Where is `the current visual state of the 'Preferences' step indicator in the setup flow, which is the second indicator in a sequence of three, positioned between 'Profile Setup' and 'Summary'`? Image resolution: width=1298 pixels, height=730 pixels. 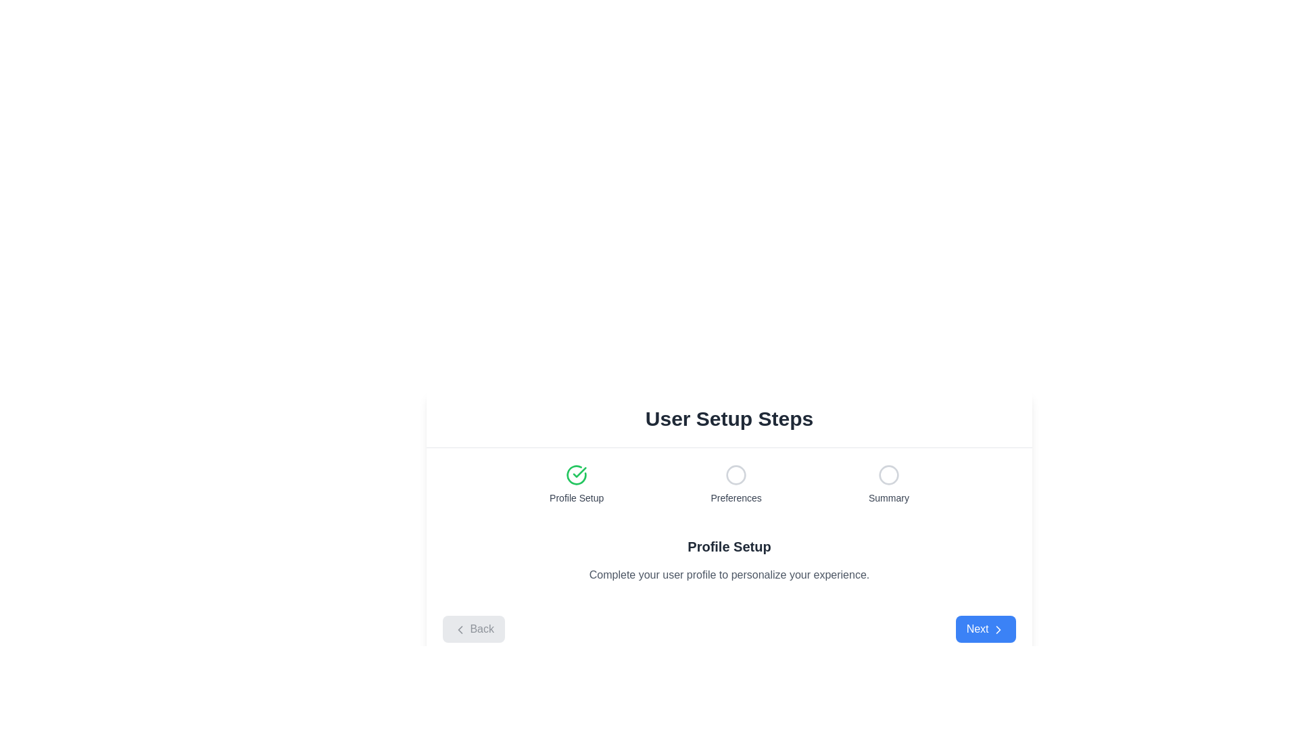
the current visual state of the 'Preferences' step indicator in the setup flow, which is the second indicator in a sequence of three, positioned between 'Profile Setup' and 'Summary' is located at coordinates (736, 484).